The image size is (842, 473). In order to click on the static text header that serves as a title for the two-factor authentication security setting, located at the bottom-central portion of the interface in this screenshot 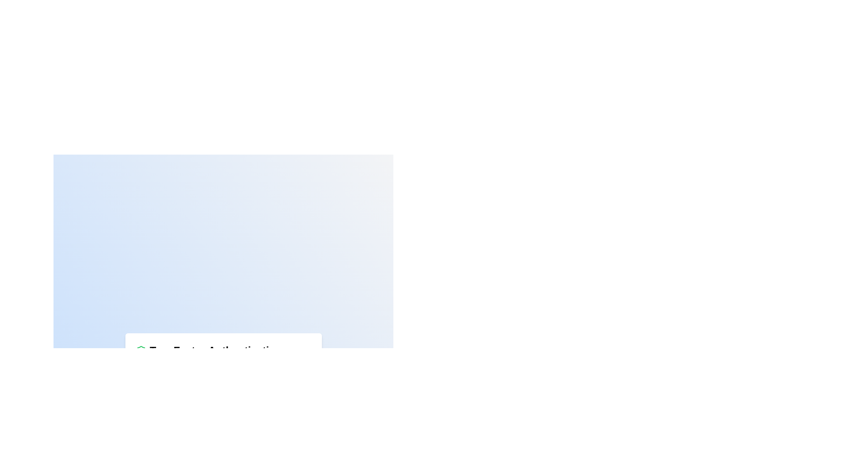, I will do `click(216, 350)`.